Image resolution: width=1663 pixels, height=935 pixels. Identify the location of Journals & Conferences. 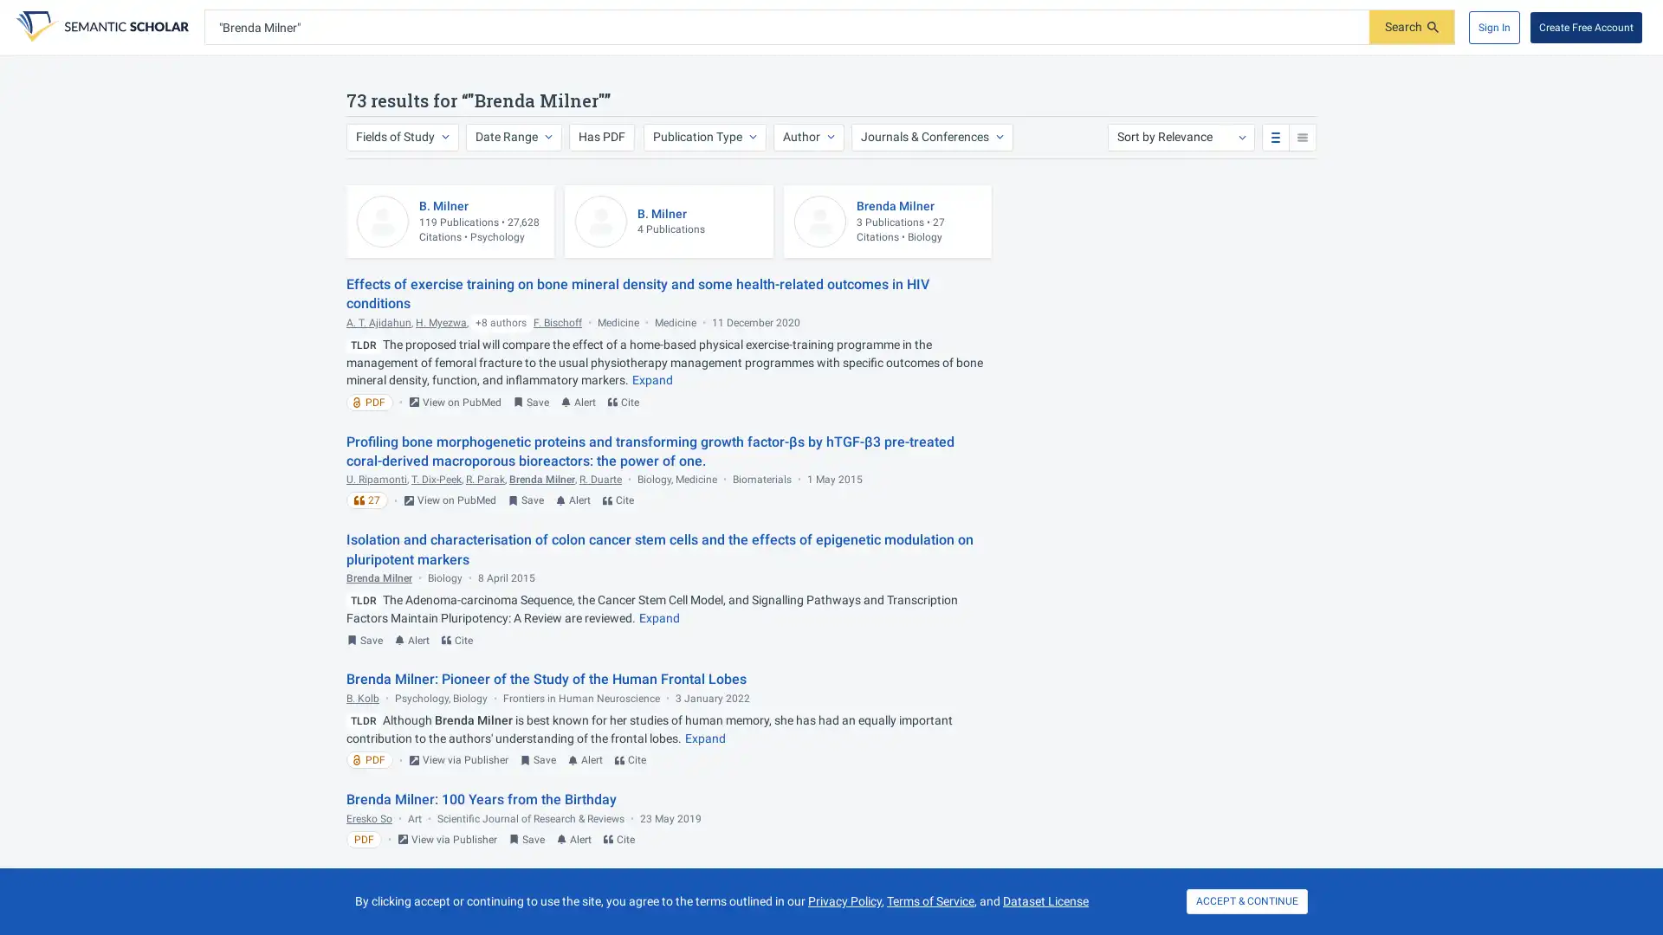
(930, 136).